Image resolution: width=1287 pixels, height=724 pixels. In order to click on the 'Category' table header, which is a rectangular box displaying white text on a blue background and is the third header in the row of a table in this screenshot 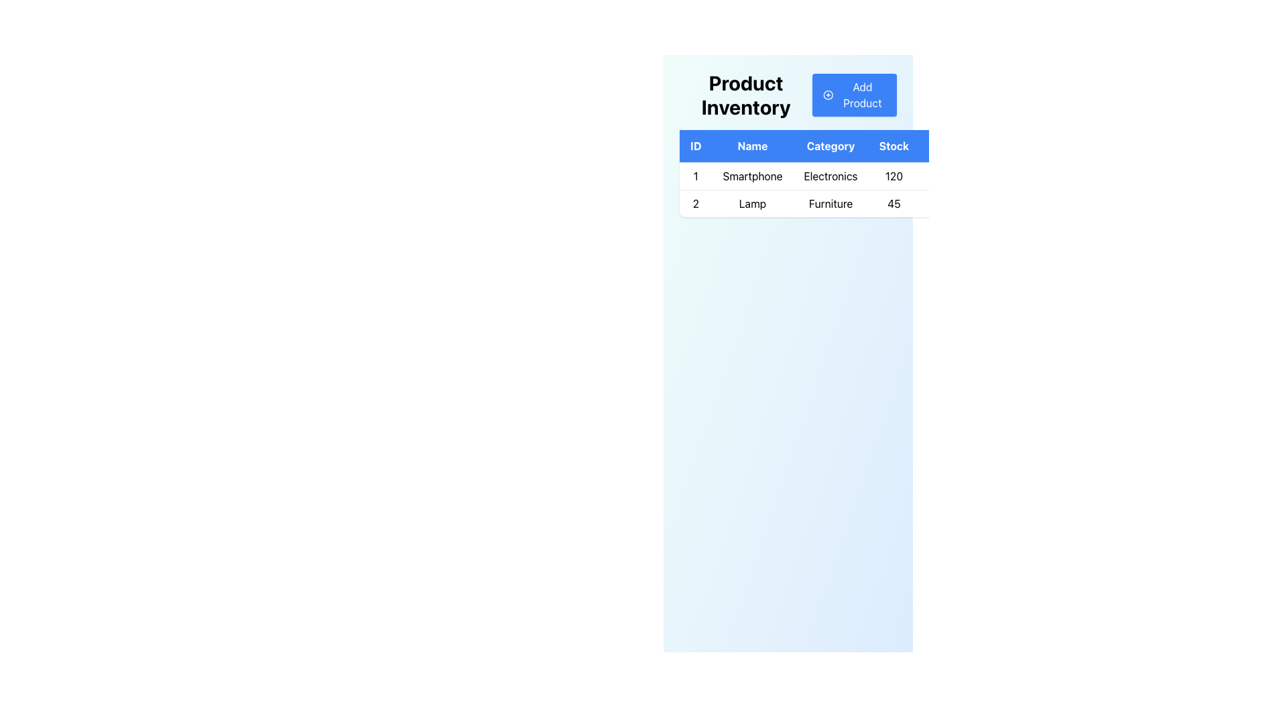, I will do `click(830, 146)`.